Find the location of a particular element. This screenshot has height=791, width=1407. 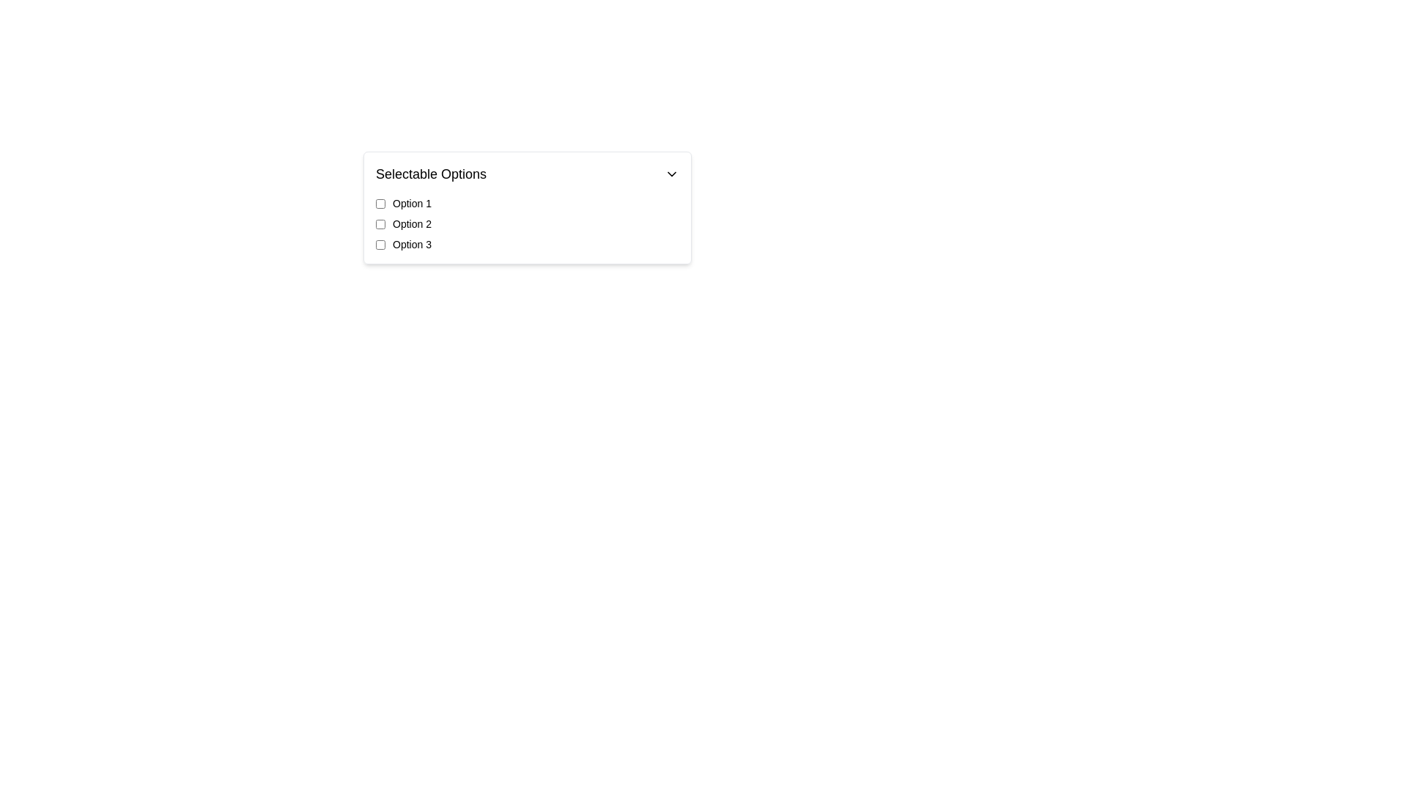

the first checkbox labeled 'Option 1' under the 'Selectable Options' section is located at coordinates (380, 203).